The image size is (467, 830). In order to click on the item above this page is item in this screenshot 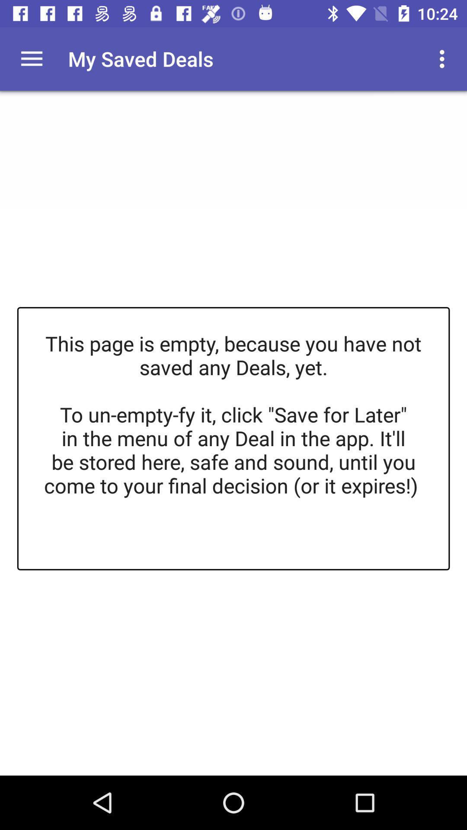, I will do `click(444, 58)`.